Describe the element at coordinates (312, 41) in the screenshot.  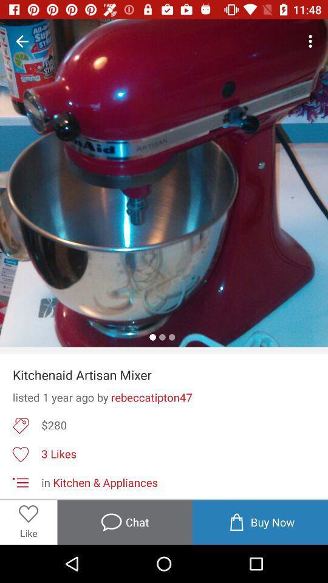
I see `the button with three dots` at that location.